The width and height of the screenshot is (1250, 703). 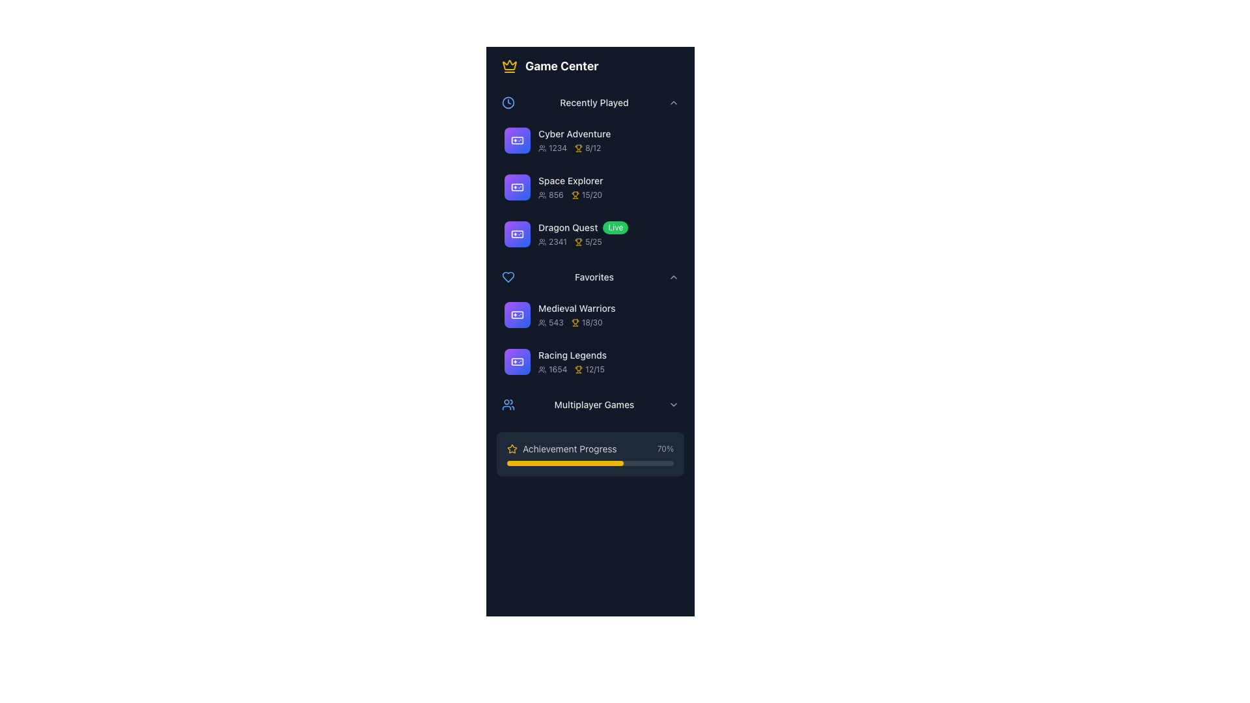 I want to click on the Text Label displaying '15/20' in the second item of the 'Recently Played' list, which is adjacent to a user icon, so click(x=551, y=195).